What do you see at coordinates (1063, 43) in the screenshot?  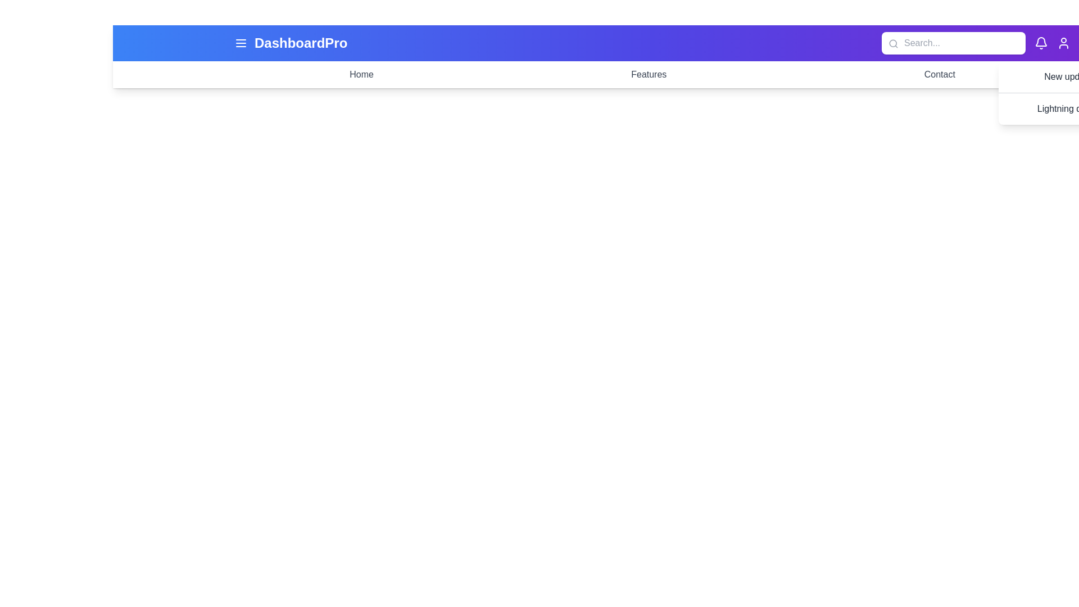 I see `the user profile icon to open profile actions` at bounding box center [1063, 43].